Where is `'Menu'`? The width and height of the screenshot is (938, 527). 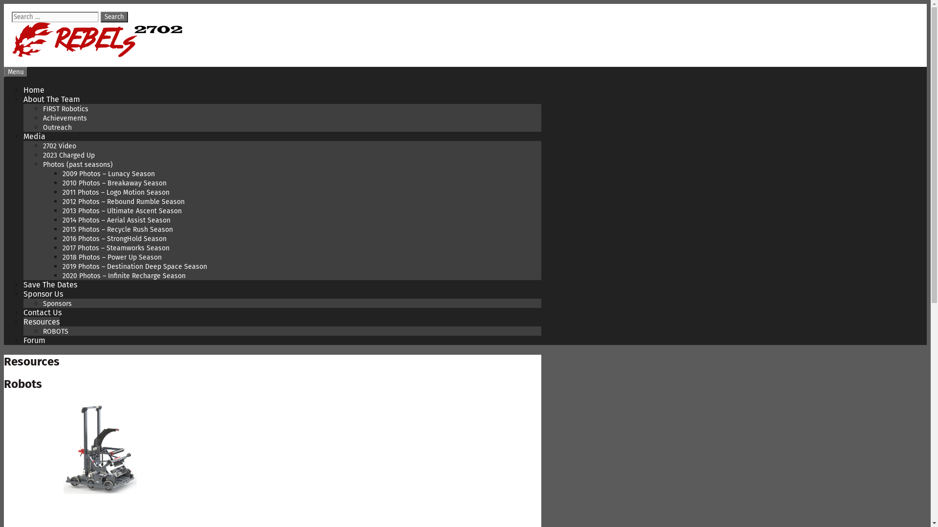 'Menu' is located at coordinates (4, 71).